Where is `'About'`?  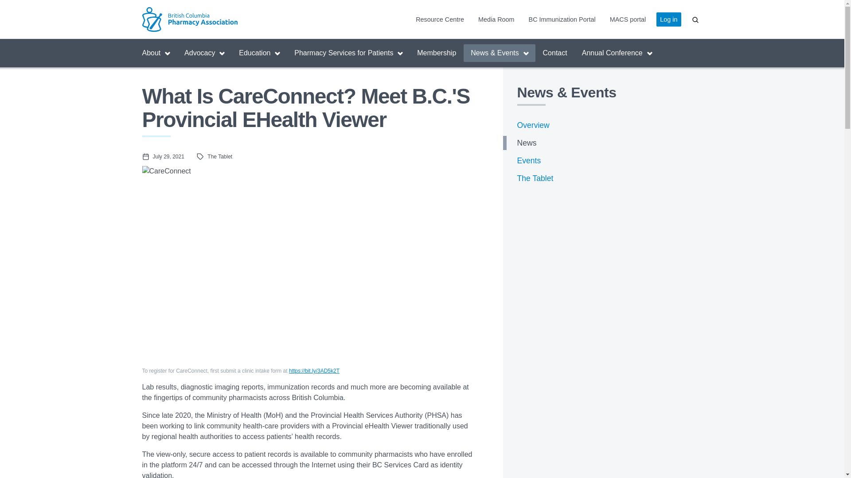 'About' is located at coordinates (156, 53).